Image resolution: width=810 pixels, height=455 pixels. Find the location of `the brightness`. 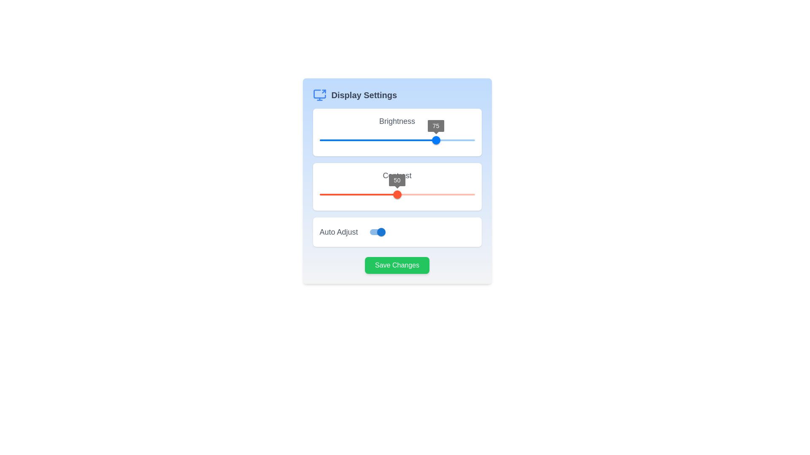

the brightness is located at coordinates (460, 139).